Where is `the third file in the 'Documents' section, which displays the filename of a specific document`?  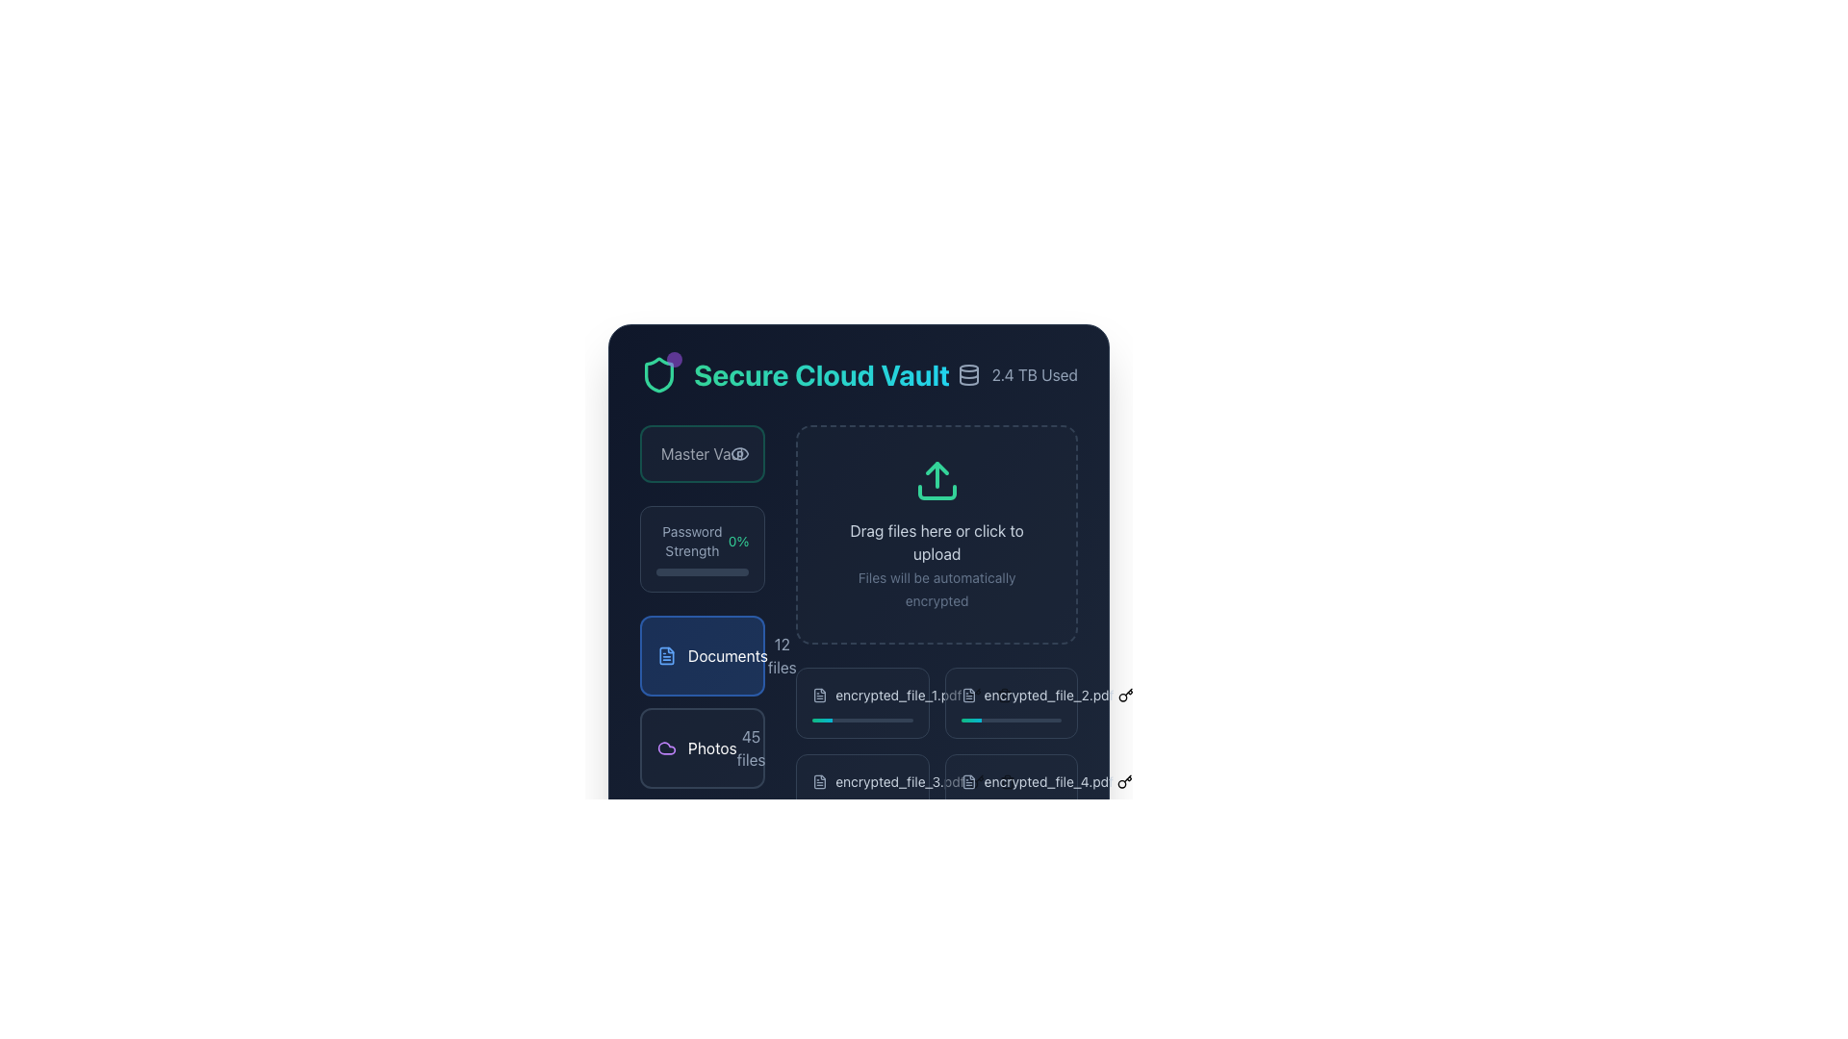 the third file in the 'Documents' section, which displays the filename of a specific document is located at coordinates (887, 782).